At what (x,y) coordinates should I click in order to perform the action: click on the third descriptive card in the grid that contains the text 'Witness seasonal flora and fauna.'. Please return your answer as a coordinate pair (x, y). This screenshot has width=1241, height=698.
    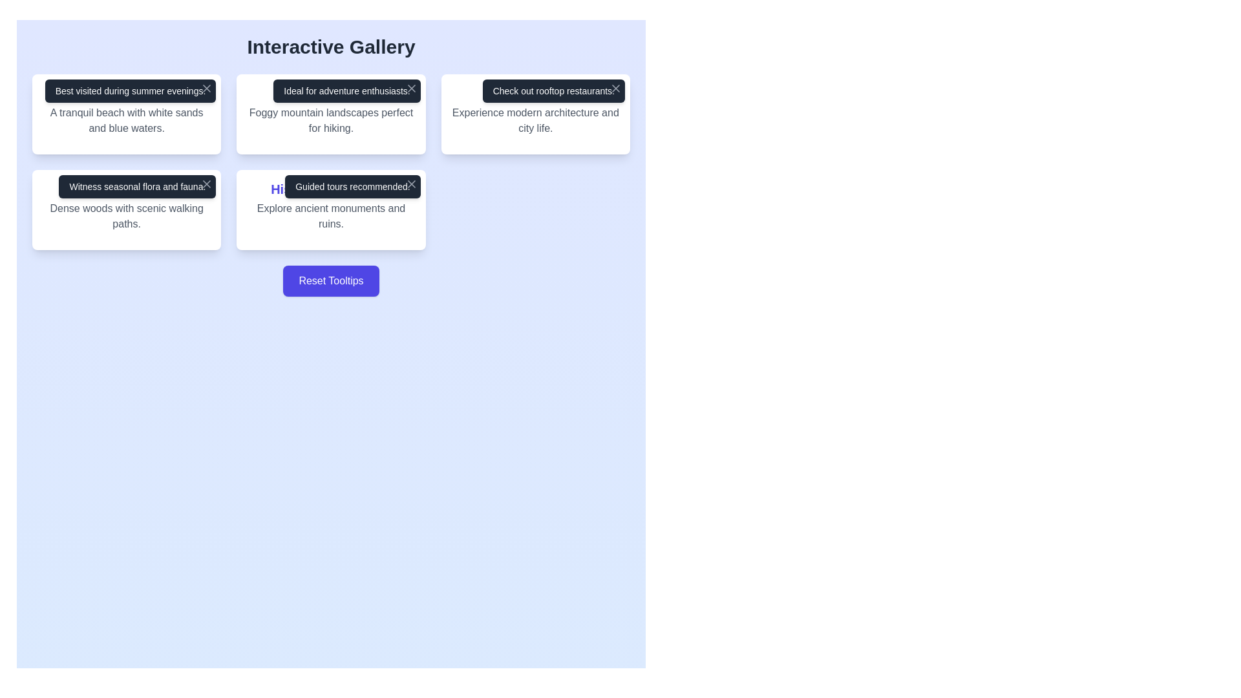
    Looking at the image, I should click on (127, 209).